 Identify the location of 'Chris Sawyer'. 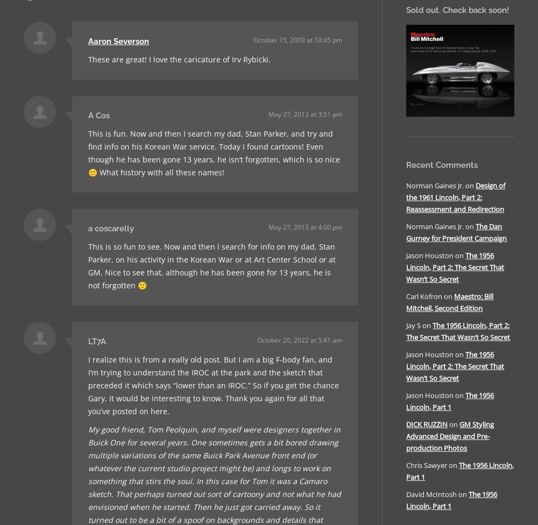
(406, 464).